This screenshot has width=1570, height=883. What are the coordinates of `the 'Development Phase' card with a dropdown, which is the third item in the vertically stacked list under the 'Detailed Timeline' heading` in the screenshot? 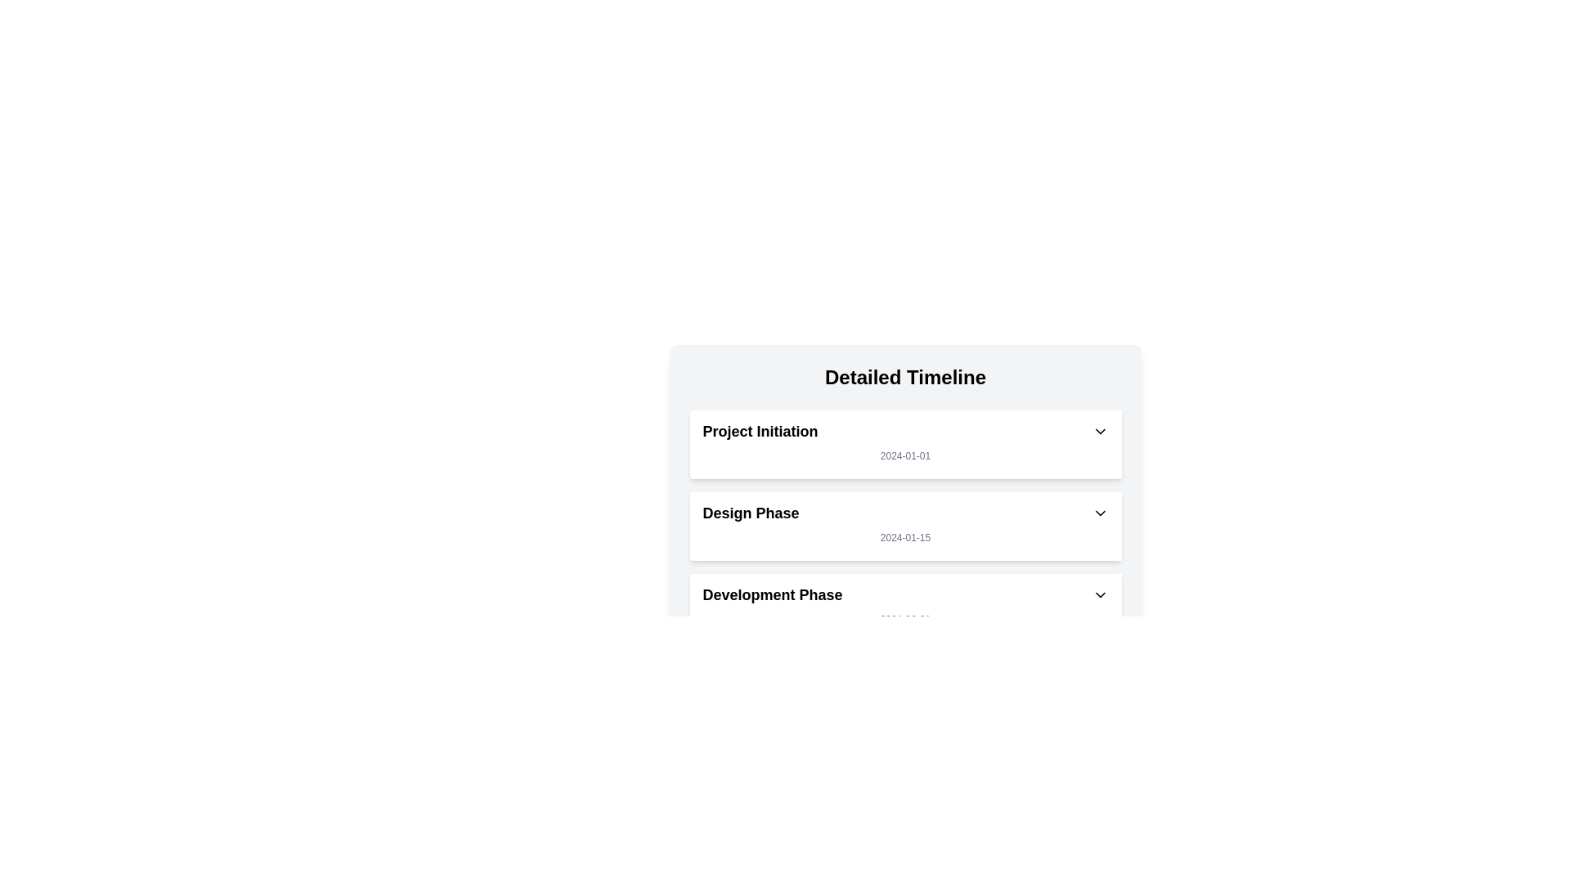 It's located at (904, 608).